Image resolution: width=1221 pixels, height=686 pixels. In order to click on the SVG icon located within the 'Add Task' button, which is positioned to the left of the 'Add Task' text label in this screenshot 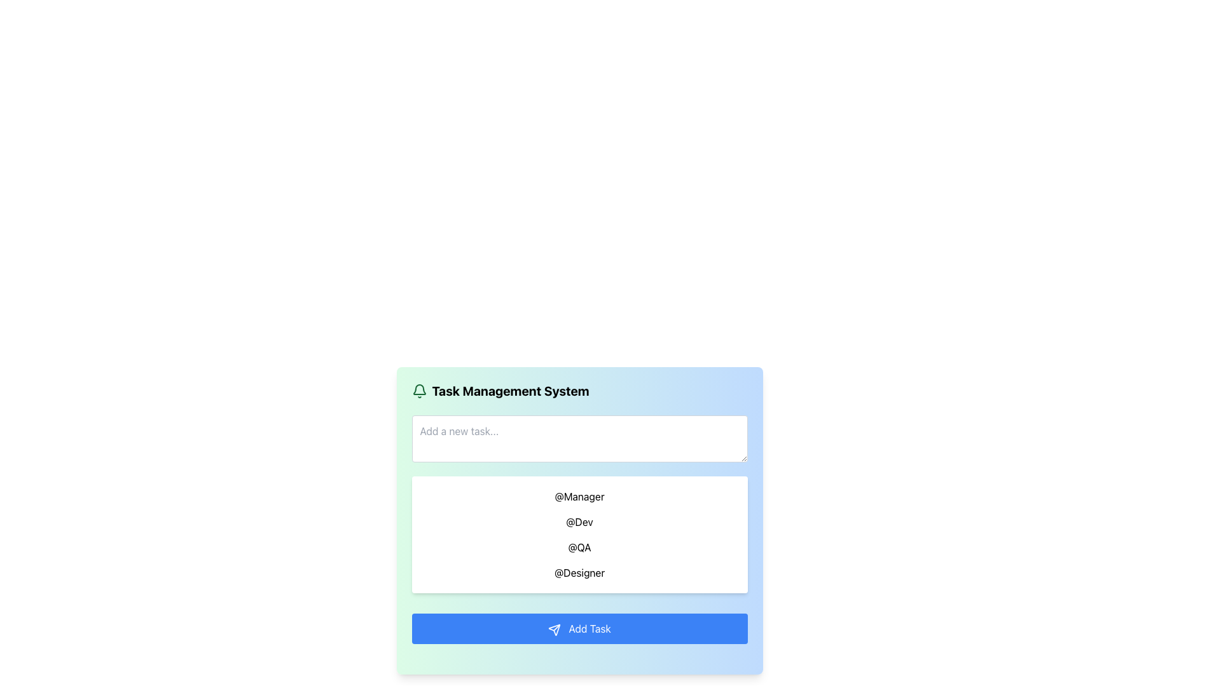, I will do `click(555, 629)`.